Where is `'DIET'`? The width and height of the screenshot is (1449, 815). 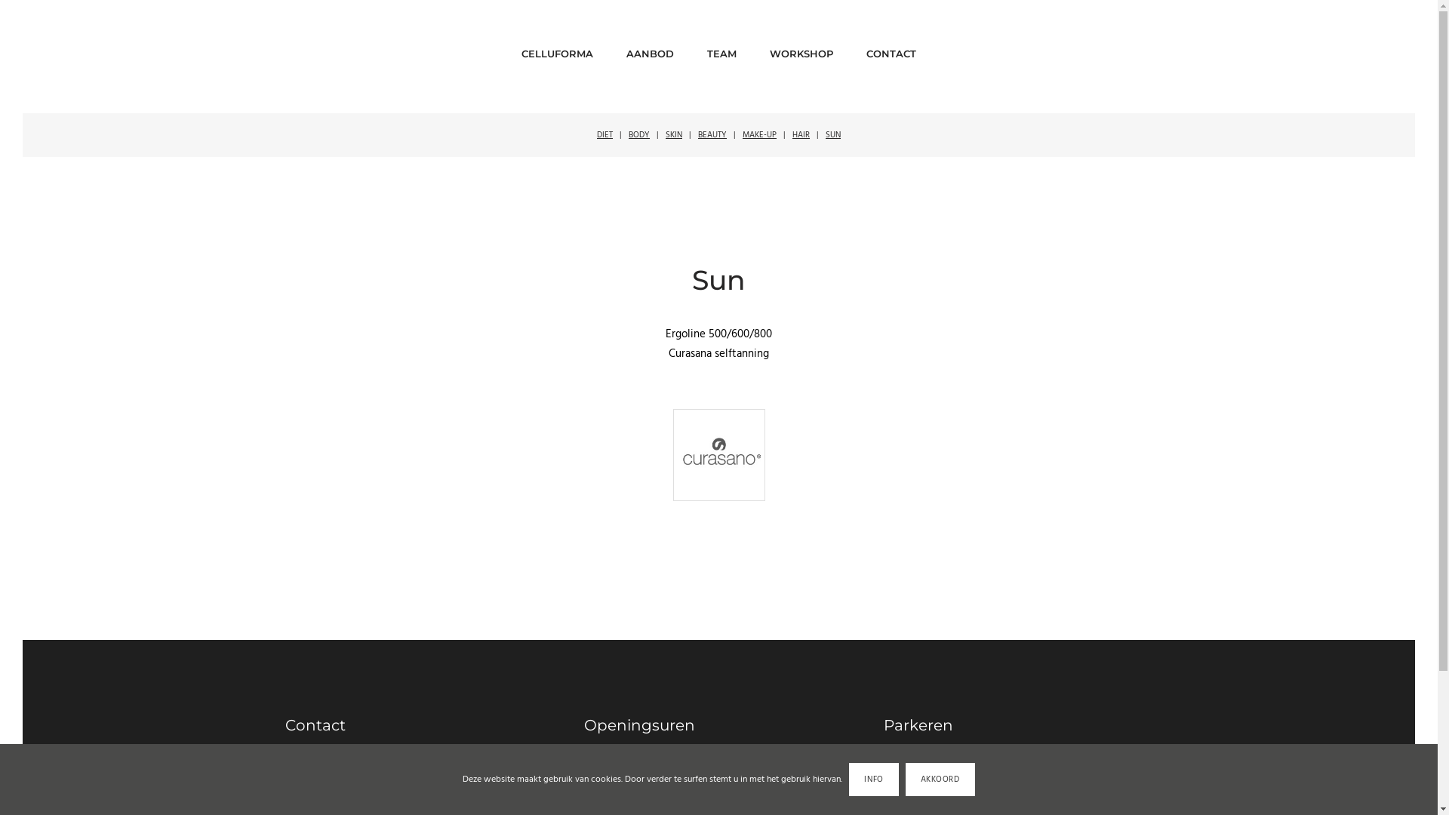 'DIET' is located at coordinates (605, 134).